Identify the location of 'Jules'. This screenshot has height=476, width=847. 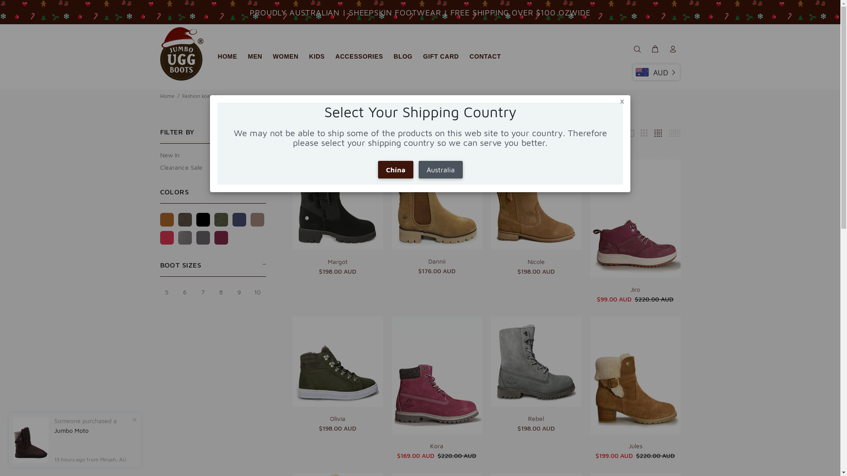
(634, 446).